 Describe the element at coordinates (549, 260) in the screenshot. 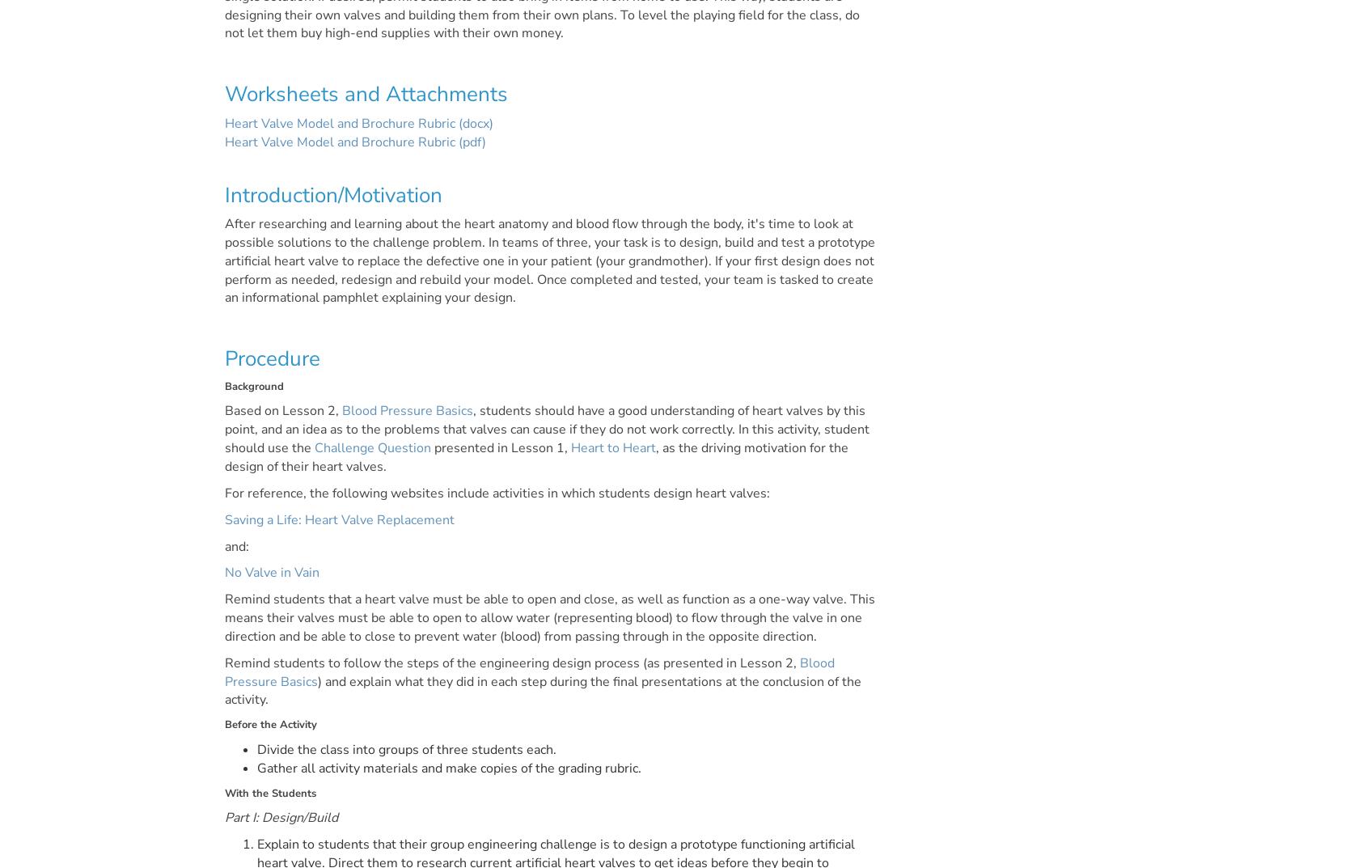

I see `'After researching and learning about the heart anatomy and blood flow through the body, it's time to look at possible solutions to the challenge problem. In teams of three, your task is to design, build and test a prototype artificial heart valve to replace the defective one in your patient (your grandmother). If your first design does not perform as needed, redesign and rebuild your model. Once completed and tested, your team is tasked to create an informational pamphlet explaining your design.'` at that location.